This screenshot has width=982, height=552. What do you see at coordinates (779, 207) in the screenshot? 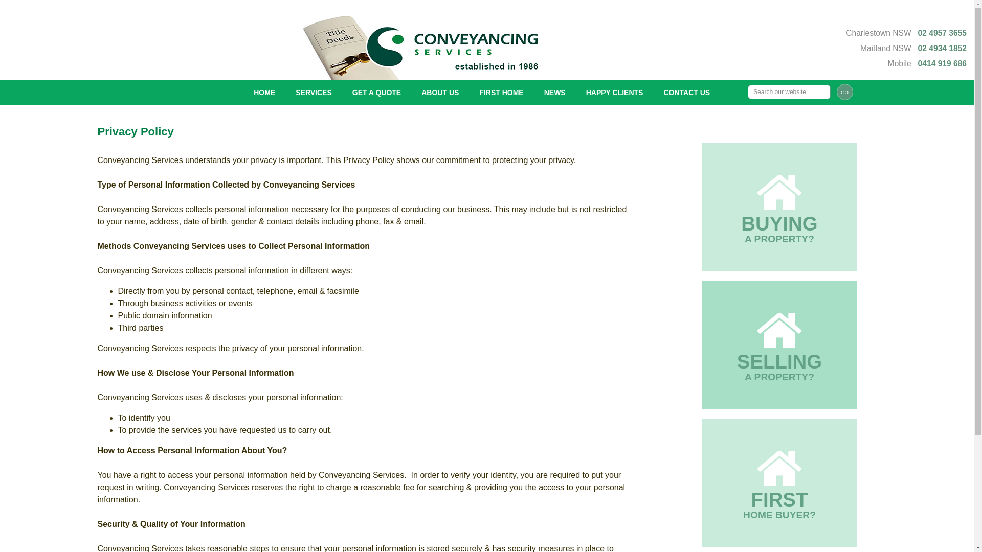
I see `'BUYING` at bounding box center [779, 207].